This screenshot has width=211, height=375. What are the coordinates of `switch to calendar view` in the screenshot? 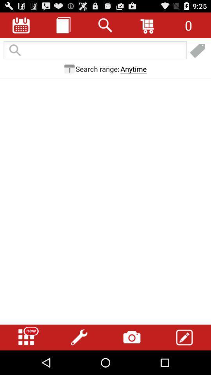 It's located at (21, 25).